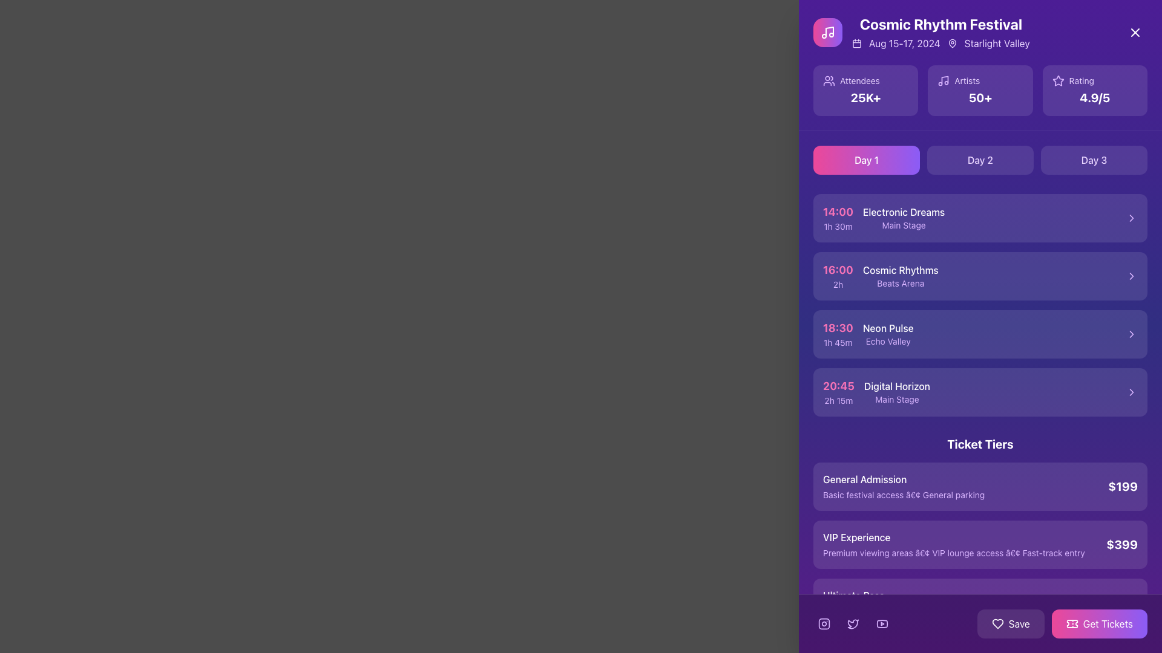  What do you see at coordinates (824, 624) in the screenshot?
I see `the small purple Instagram logo icon, which resembles a stylized camera, located at the bottom of the right-side panel` at bounding box center [824, 624].